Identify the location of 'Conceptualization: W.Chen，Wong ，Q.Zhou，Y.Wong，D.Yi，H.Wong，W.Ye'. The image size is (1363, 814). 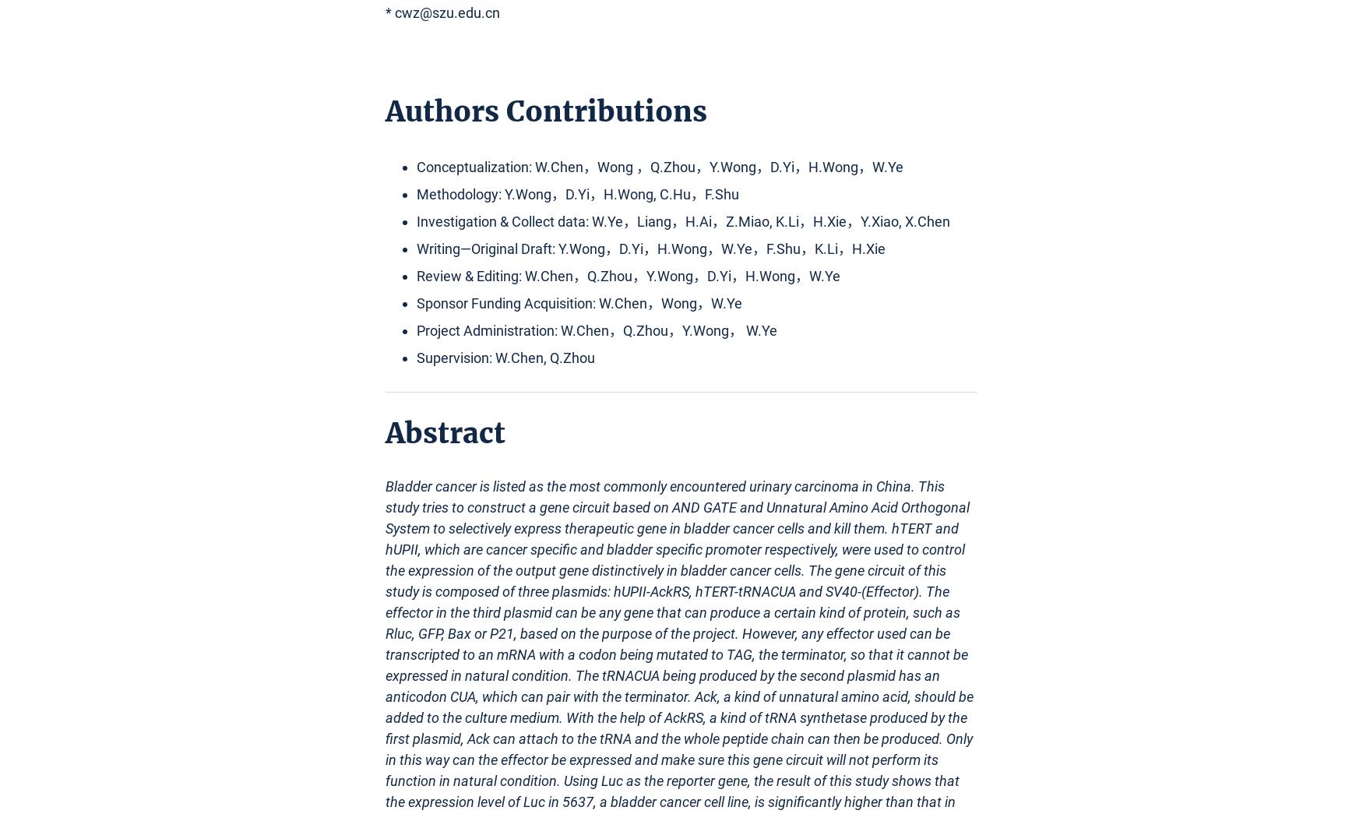
(660, 167).